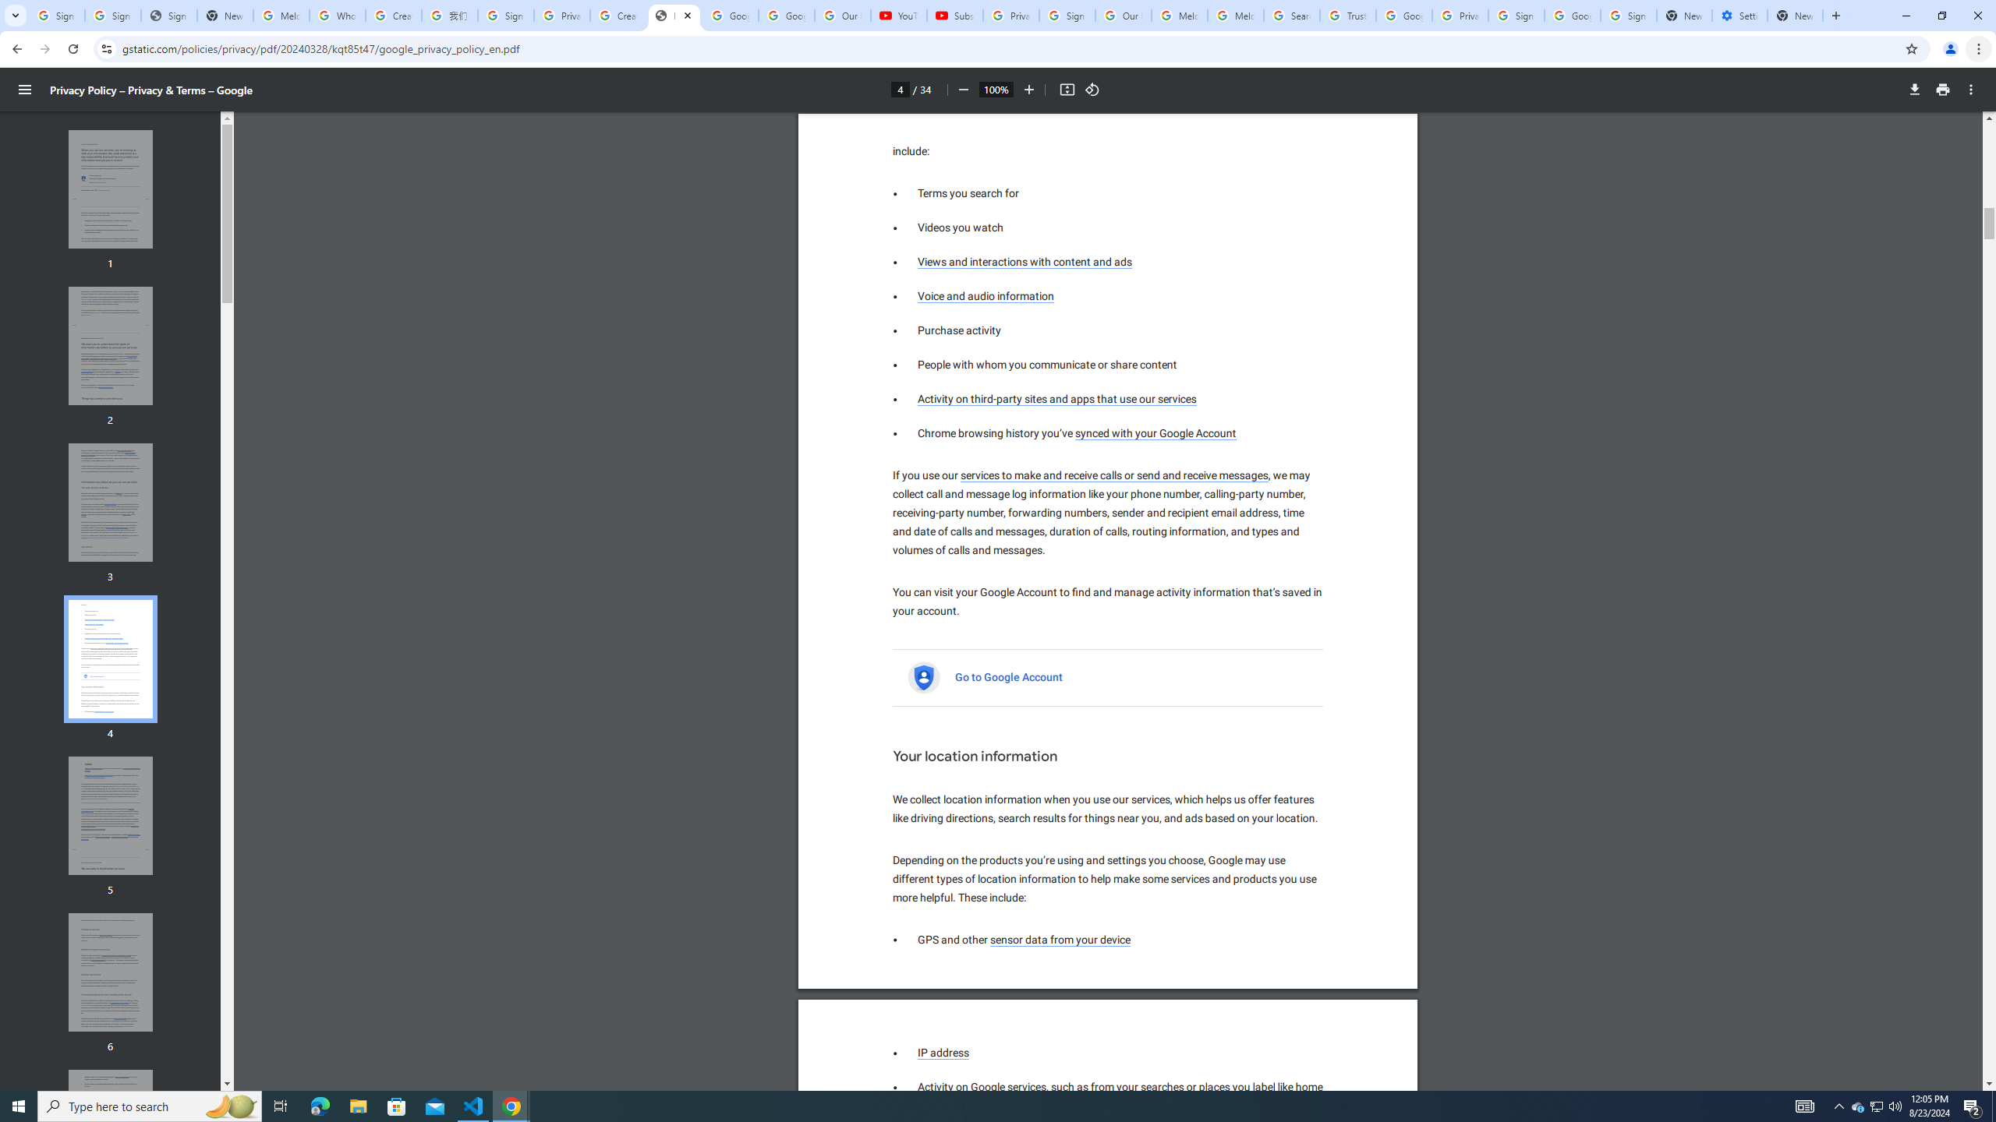  Describe the element at coordinates (111, 189) in the screenshot. I see `'Thumbnail for page 1'` at that location.